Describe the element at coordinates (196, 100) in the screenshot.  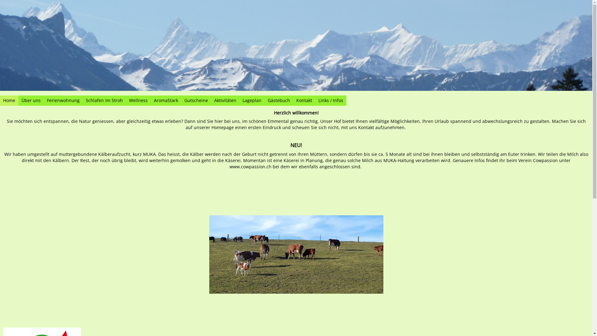
I see `'Gutscheine'` at that location.